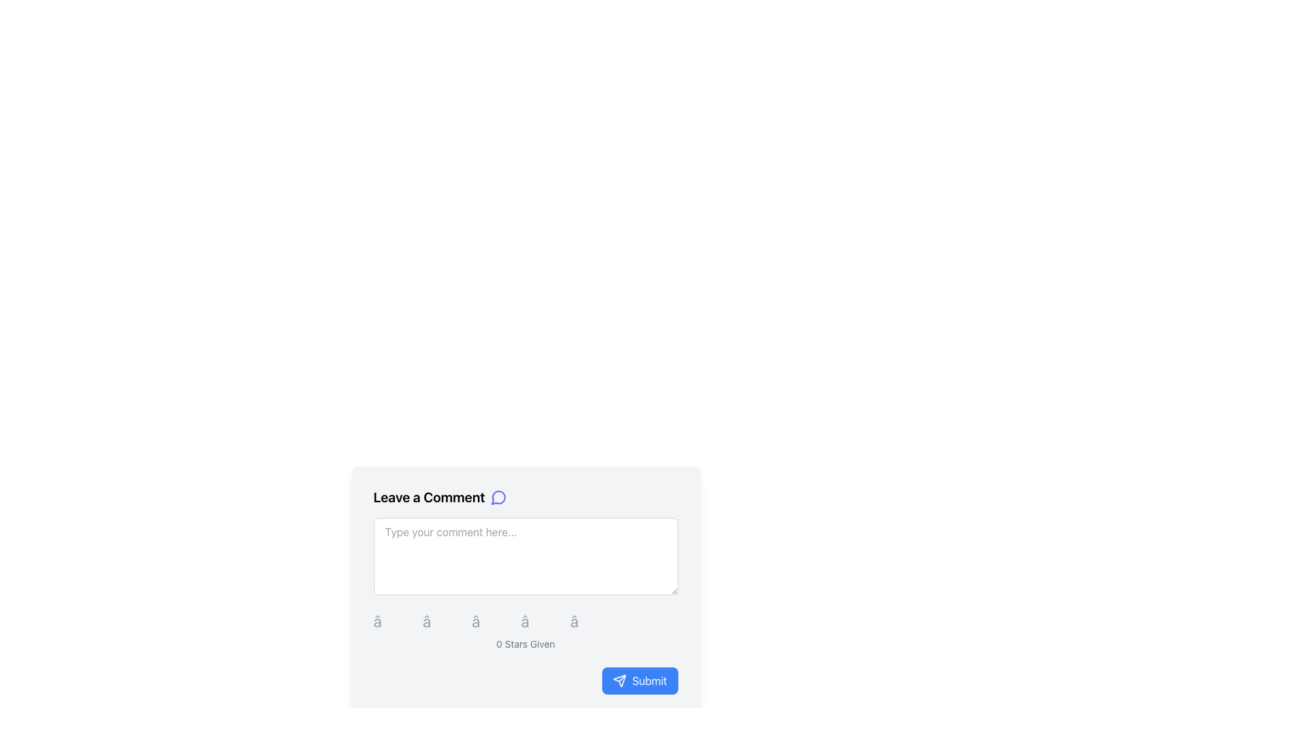 The image size is (1305, 734). What do you see at coordinates (443, 621) in the screenshot?
I see `the second star in the five-star rating scale` at bounding box center [443, 621].